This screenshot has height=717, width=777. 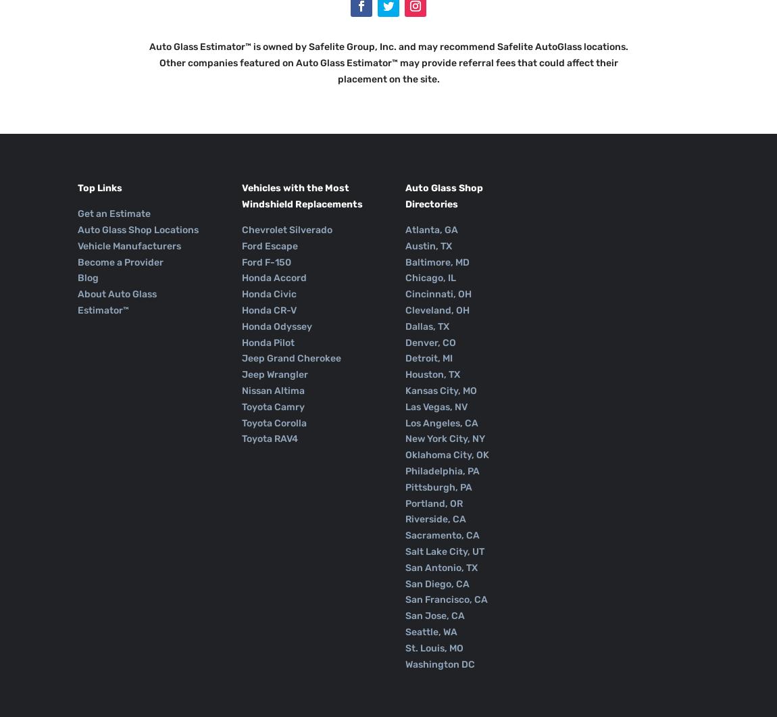 I want to click on 'About Auto Glass Estimator™', so click(x=116, y=302).